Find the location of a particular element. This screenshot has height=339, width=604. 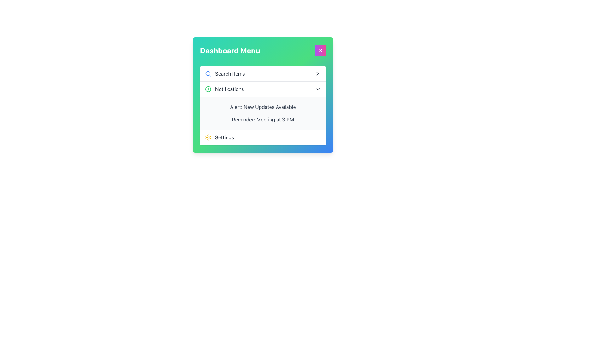

the Close button icon in the top right corner of the 'Dashboard Menu' is located at coordinates (320, 50).